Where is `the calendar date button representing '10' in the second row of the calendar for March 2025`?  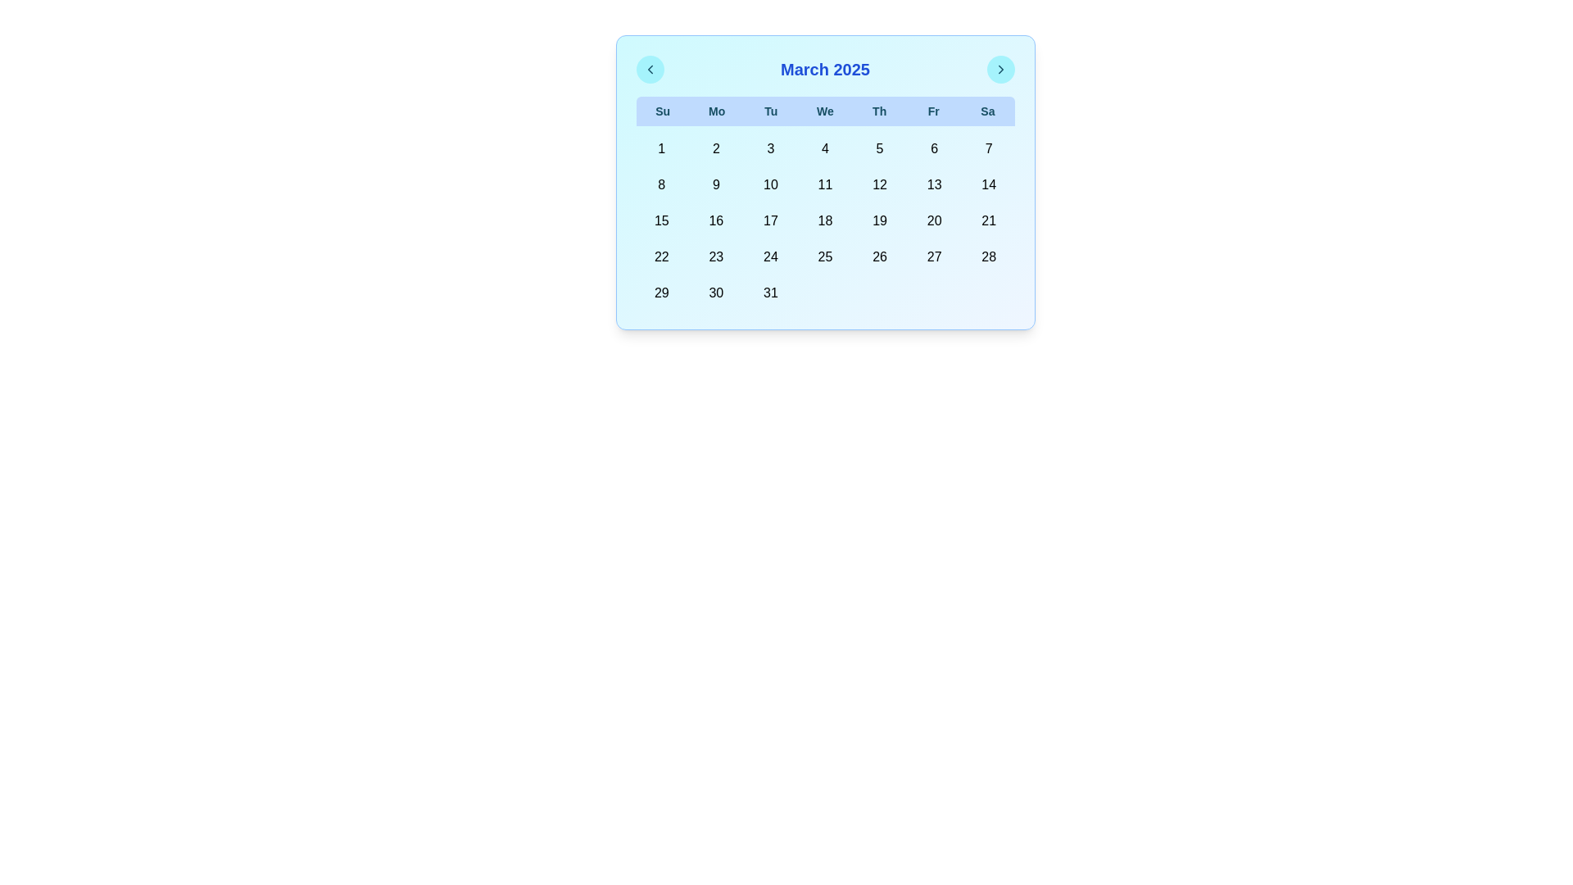 the calendar date button representing '10' in the second row of the calendar for March 2025 is located at coordinates (769, 184).